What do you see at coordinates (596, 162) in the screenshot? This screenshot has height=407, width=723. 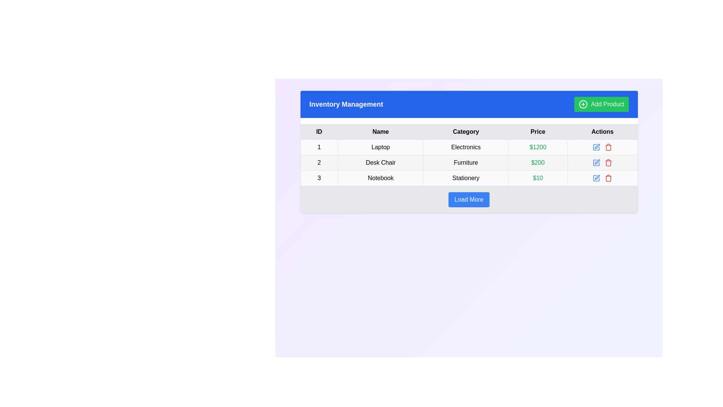 I see `the SVG icon representing an action in the 'Actions' column of the table's second row for 'Furniture $200'` at bounding box center [596, 162].